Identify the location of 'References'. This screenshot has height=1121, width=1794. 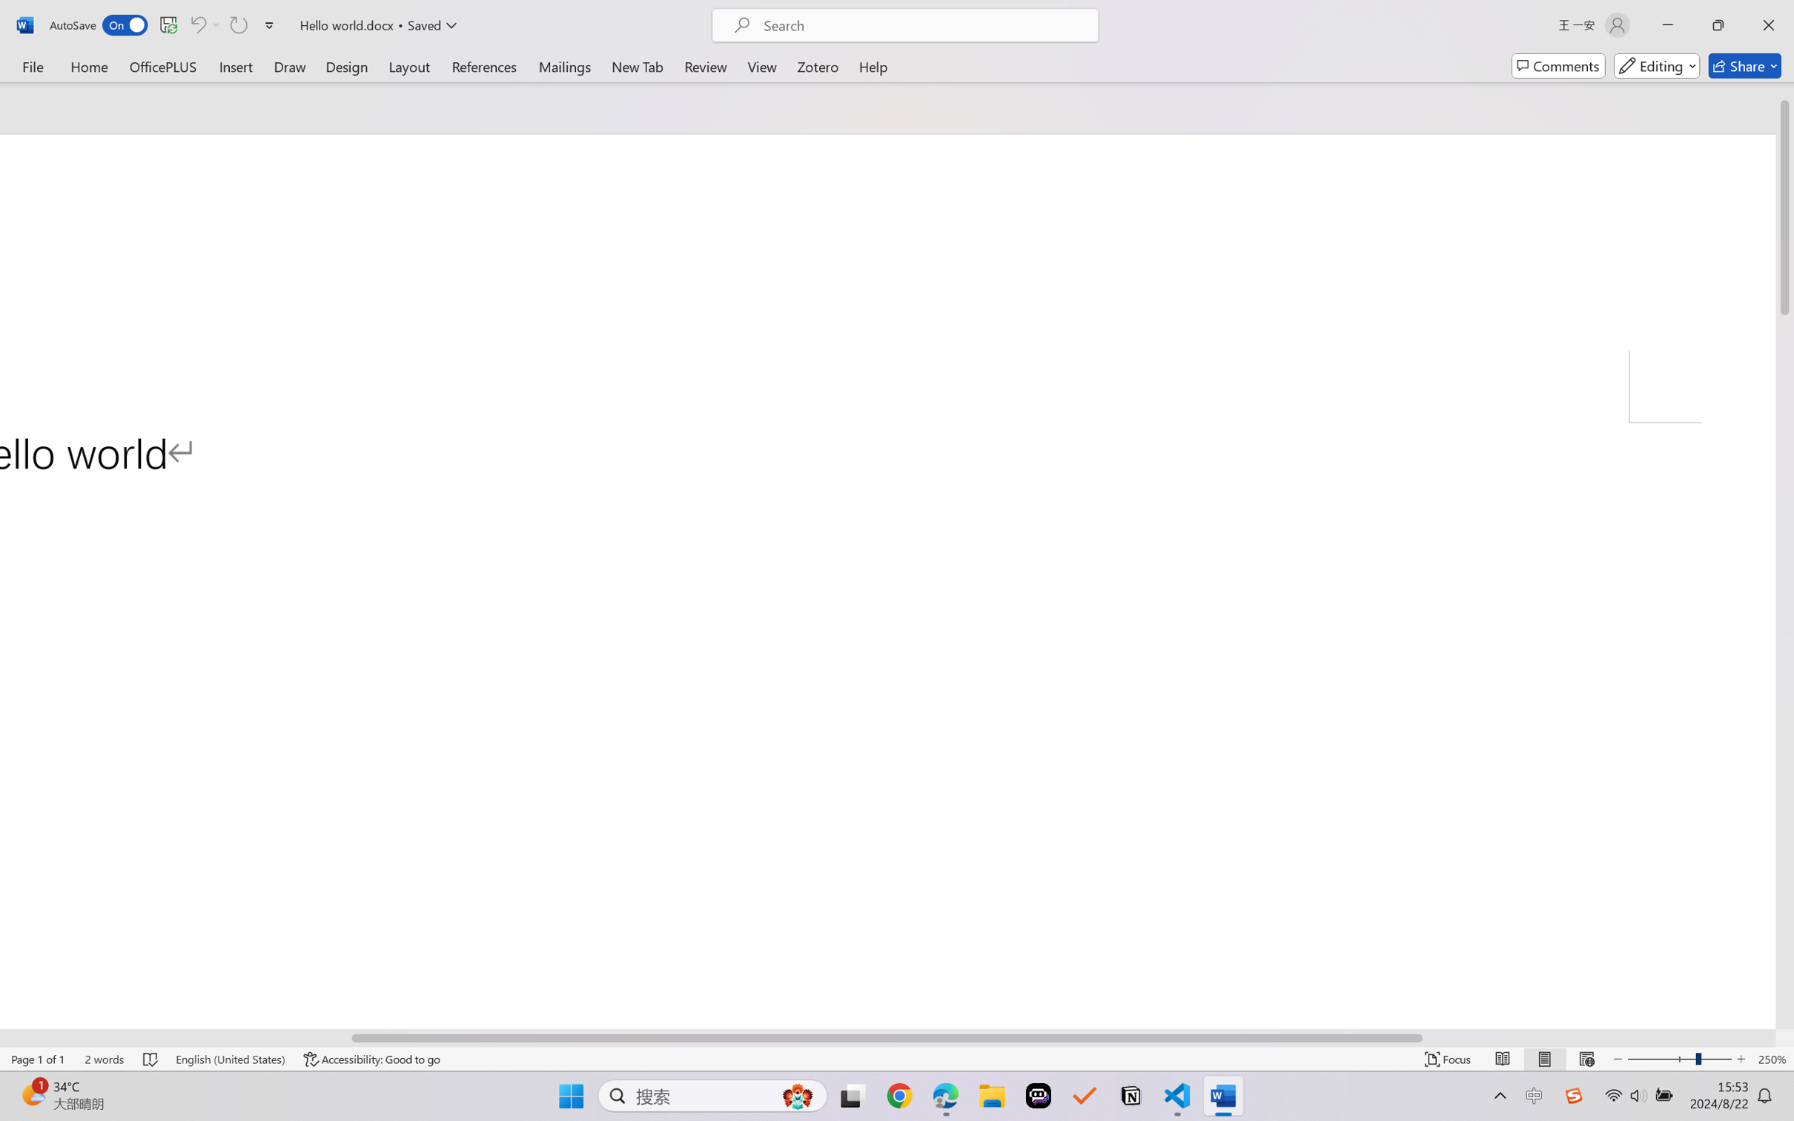
(484, 65).